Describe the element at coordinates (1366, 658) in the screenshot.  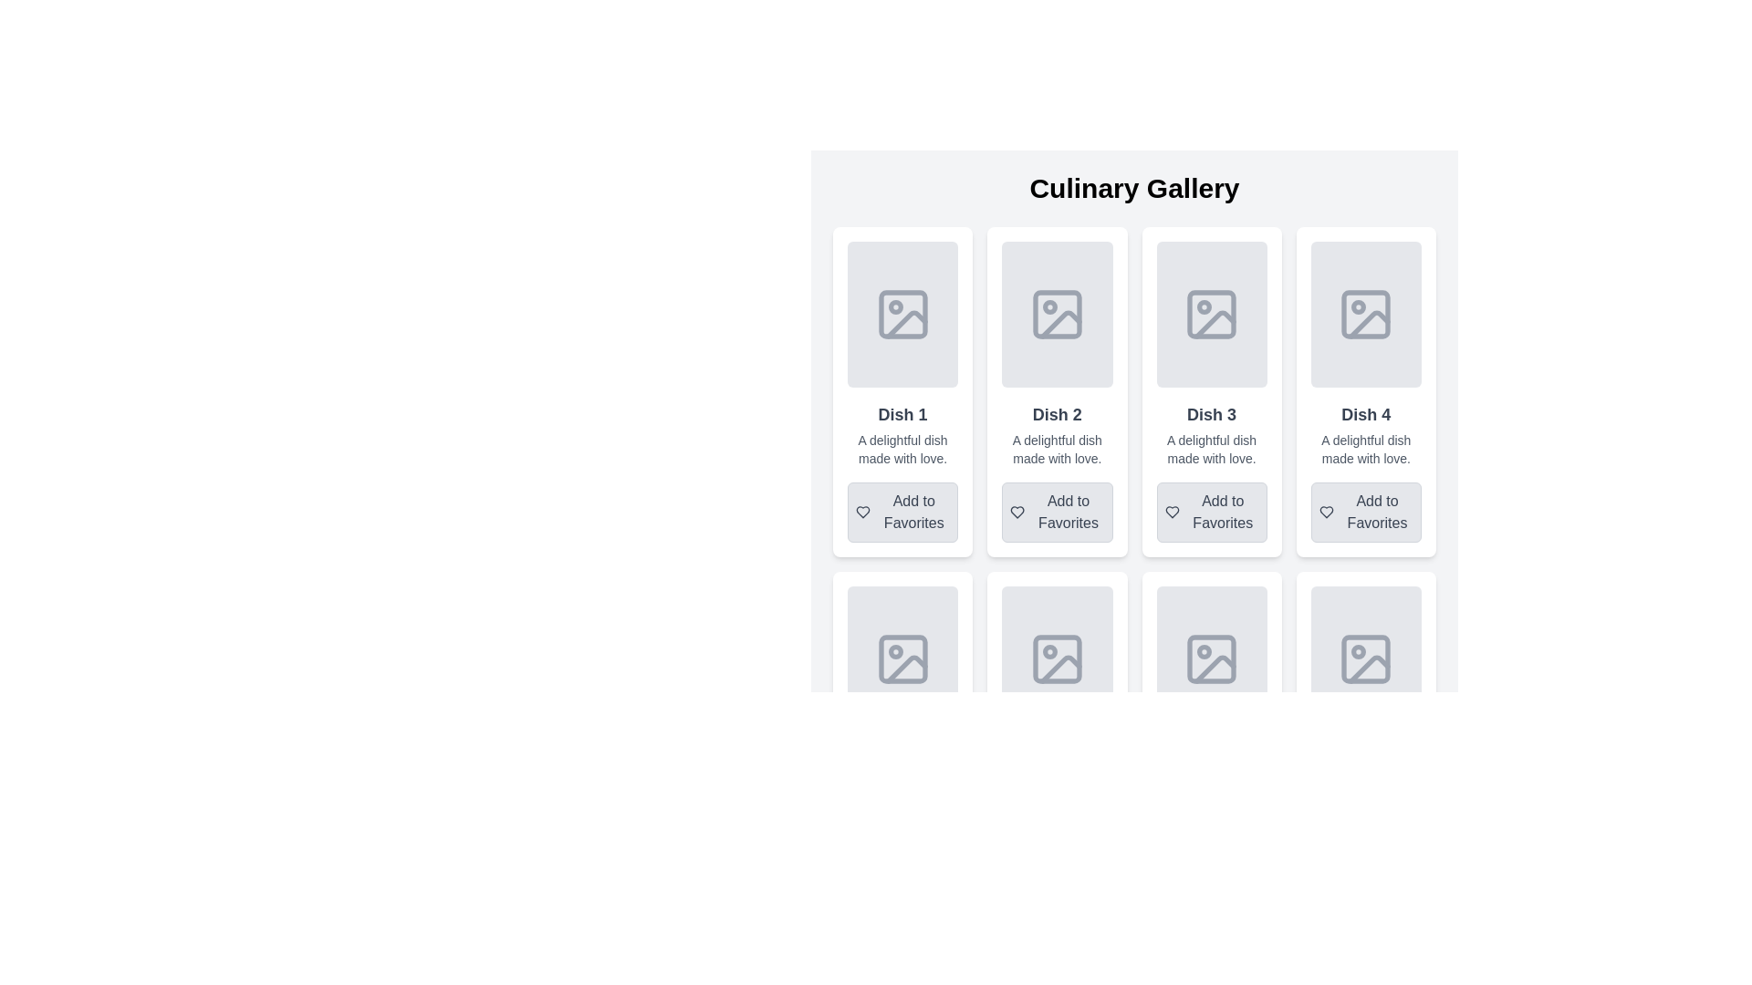
I see `the placeholder image icon located` at that location.